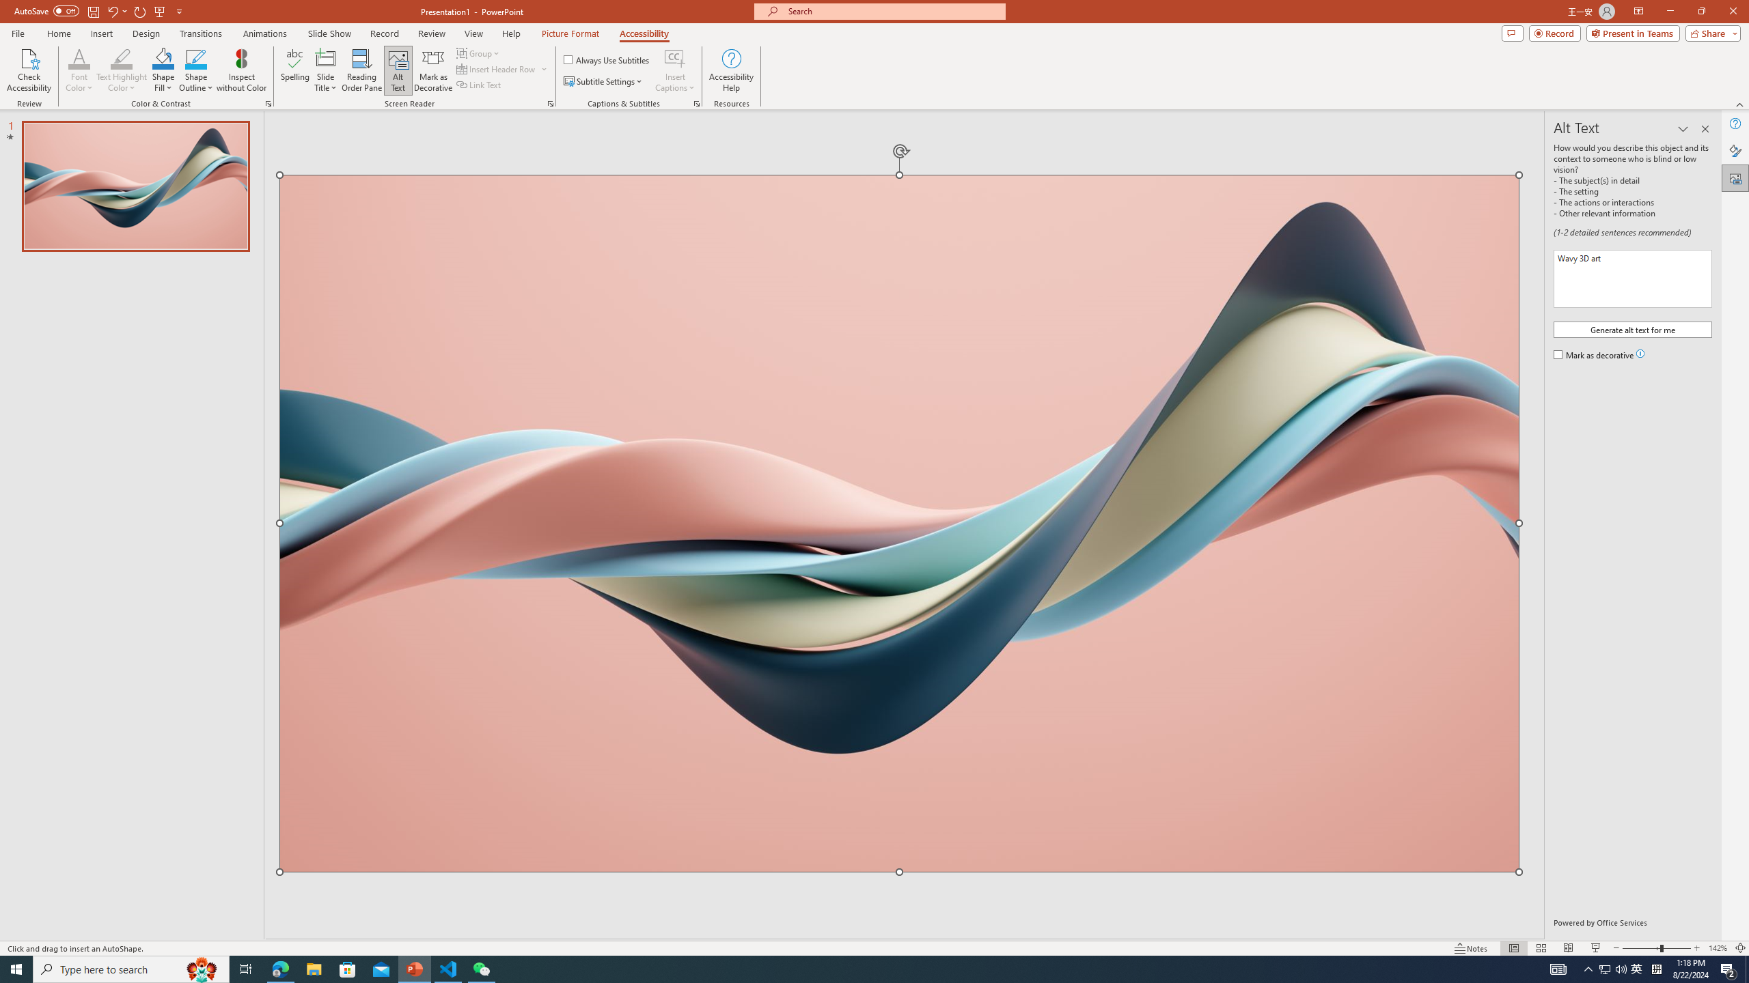 The image size is (1749, 983). What do you see at coordinates (696, 102) in the screenshot?
I see `'Captions & Subtitles'` at bounding box center [696, 102].